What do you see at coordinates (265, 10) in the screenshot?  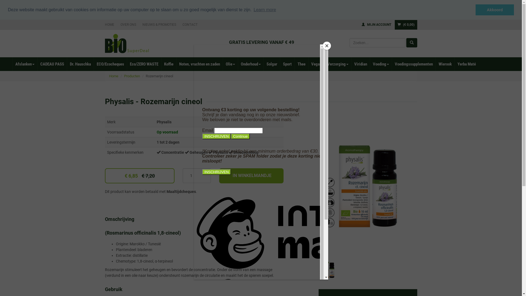 I see `'Learn more'` at bounding box center [265, 10].